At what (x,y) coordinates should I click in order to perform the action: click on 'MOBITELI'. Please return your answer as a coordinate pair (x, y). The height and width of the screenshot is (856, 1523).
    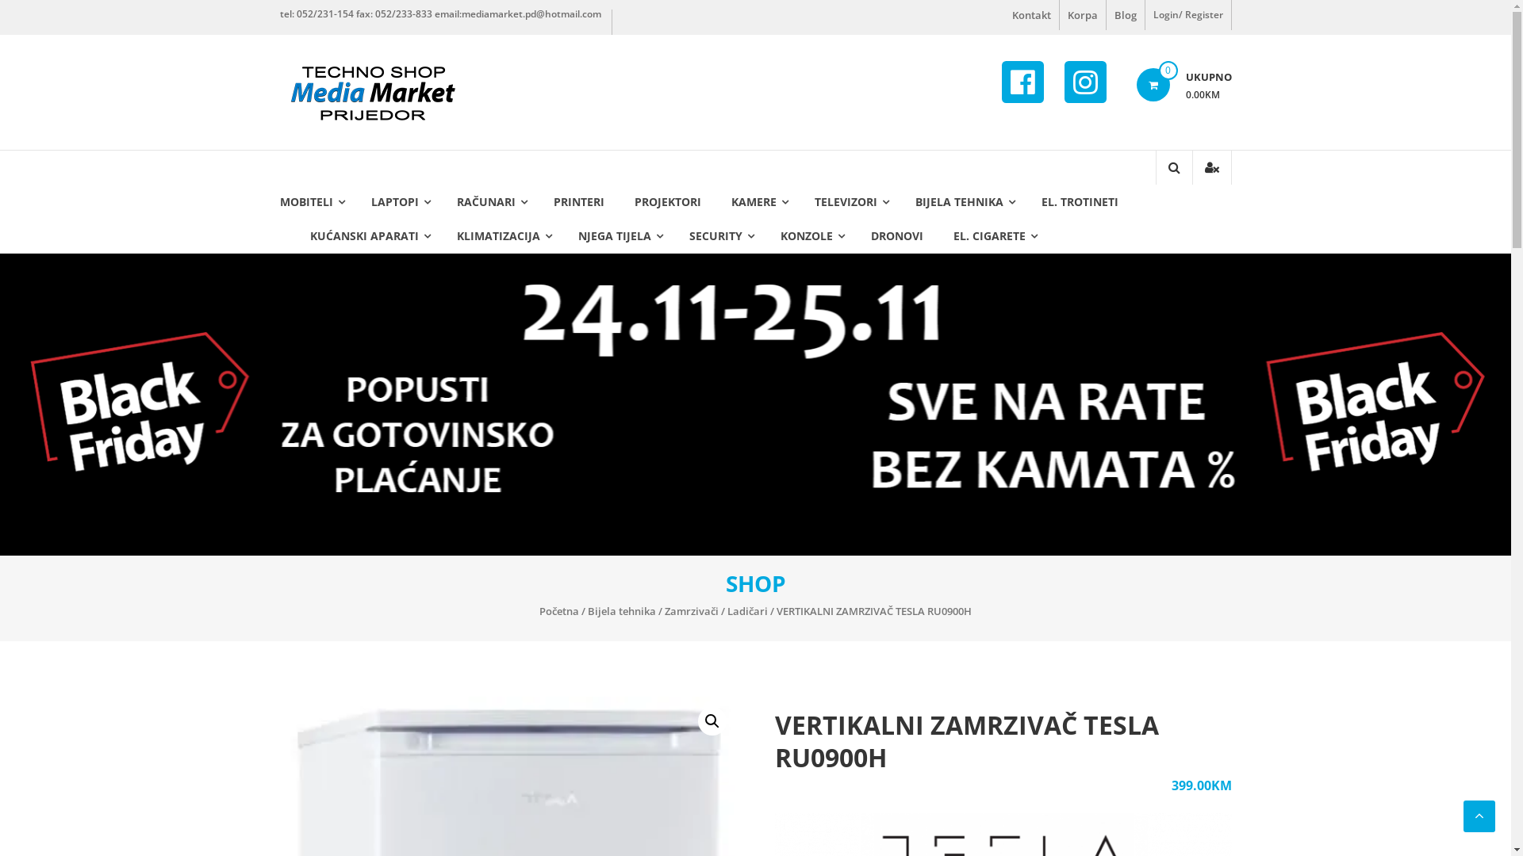
    Looking at the image, I should click on (305, 201).